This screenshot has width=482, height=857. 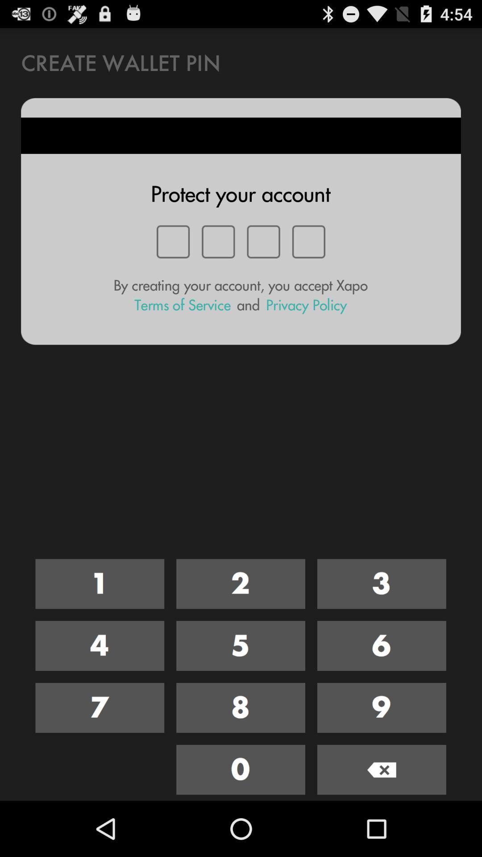 What do you see at coordinates (240, 707) in the screenshot?
I see `click number eight` at bounding box center [240, 707].